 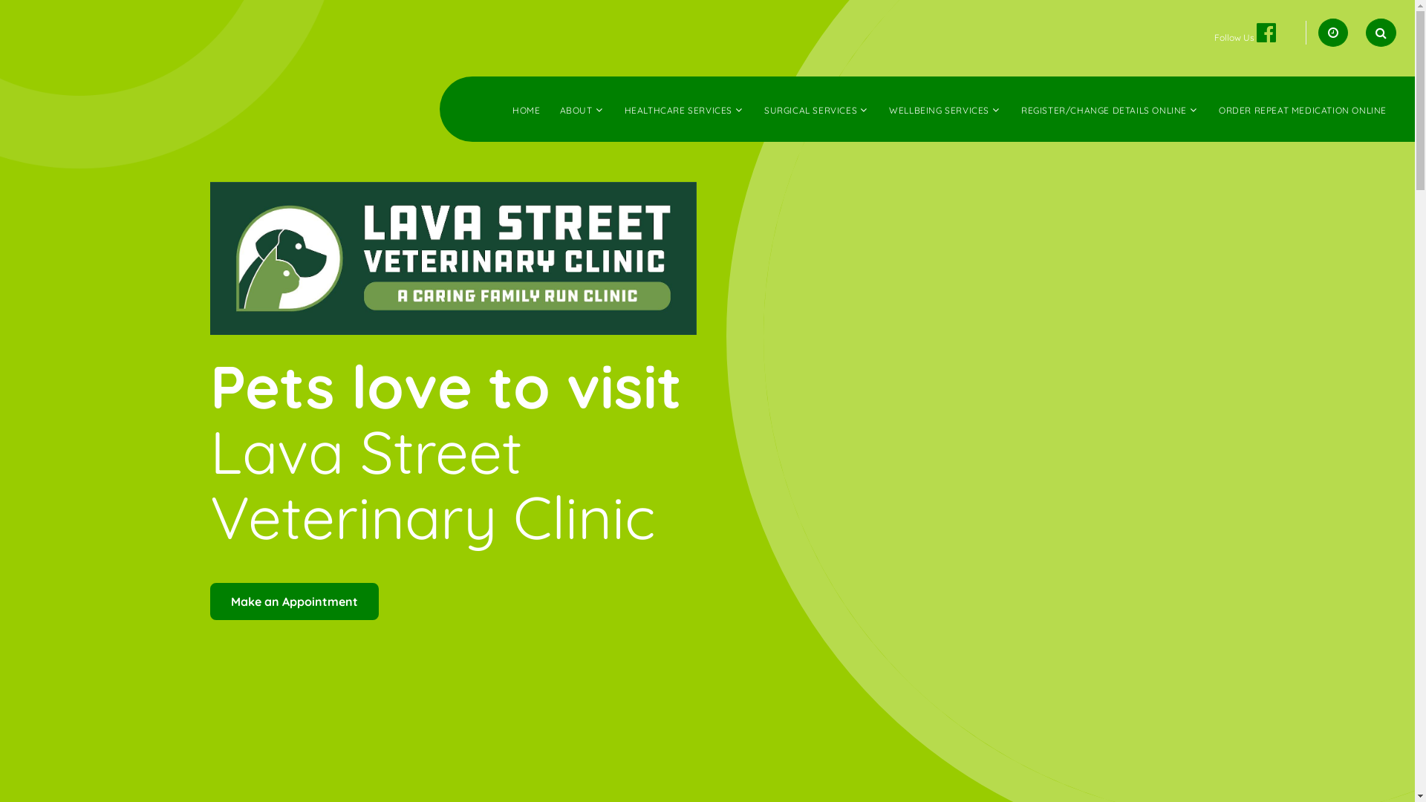 What do you see at coordinates (559, 109) in the screenshot?
I see `'ABOUT'` at bounding box center [559, 109].